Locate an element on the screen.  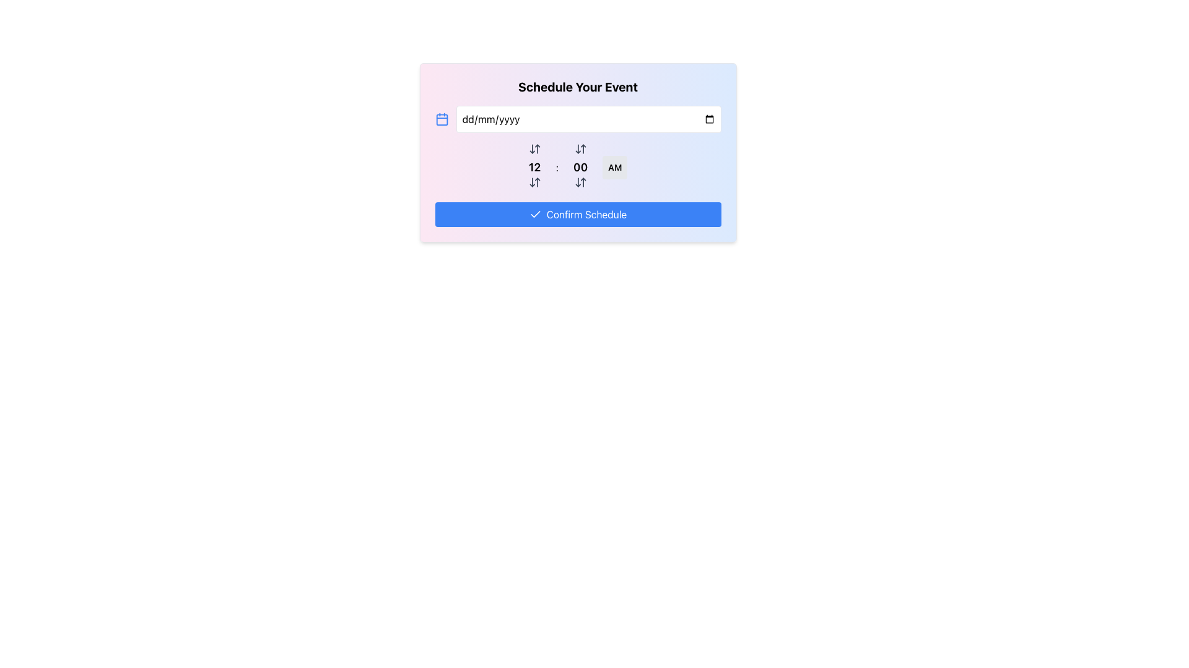
the small checkmark icon located within the blue 'Confirm Schedule' button, positioned to the left of the text is located at coordinates (535, 214).